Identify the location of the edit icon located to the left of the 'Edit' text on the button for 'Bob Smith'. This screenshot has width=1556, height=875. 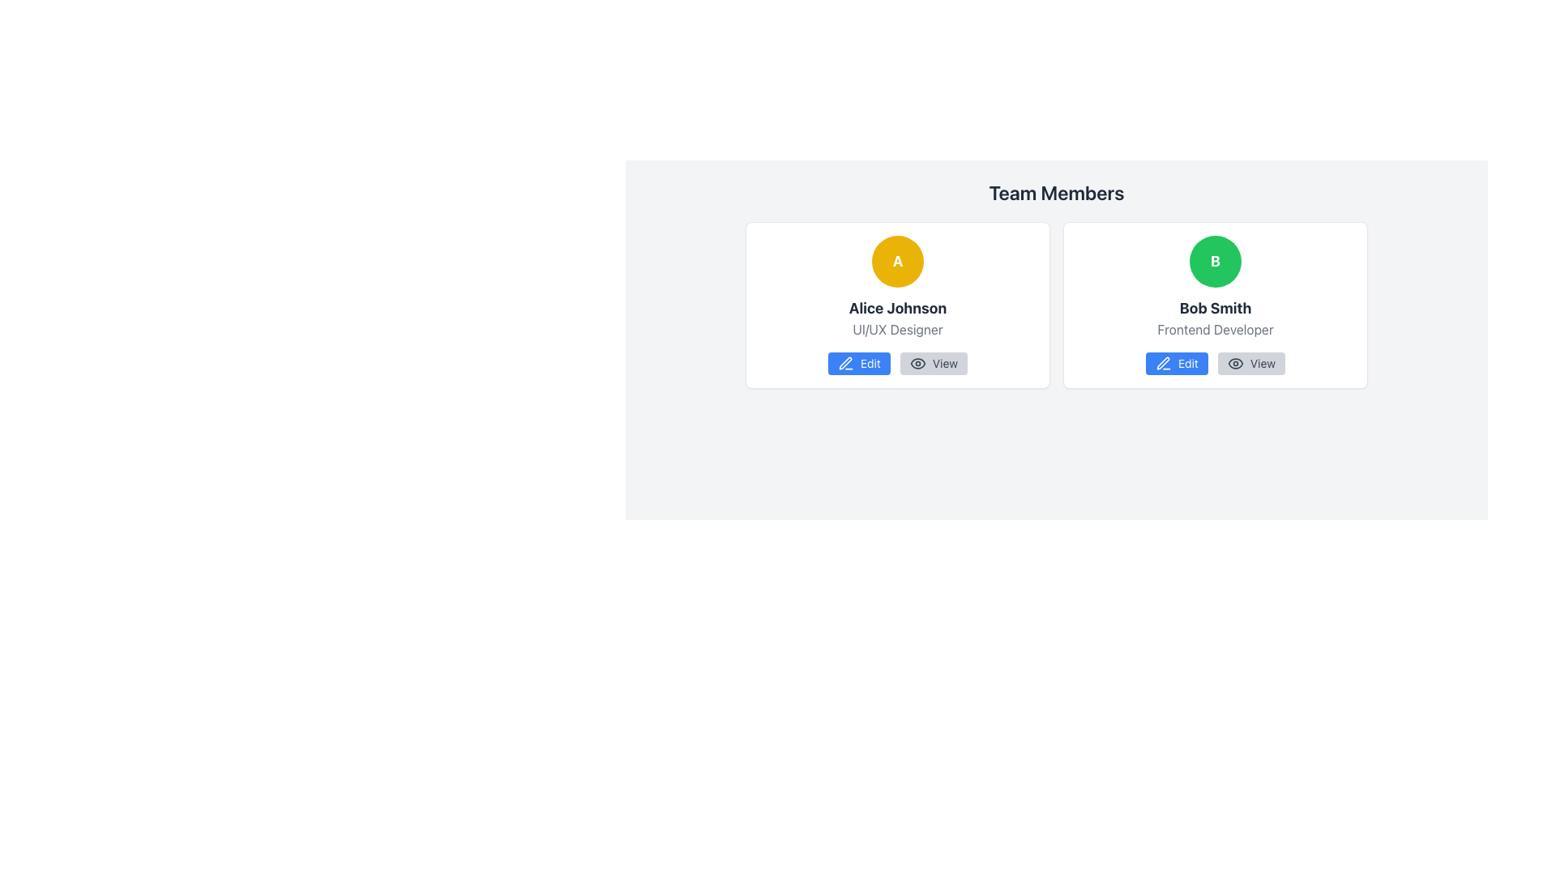
(1162, 362).